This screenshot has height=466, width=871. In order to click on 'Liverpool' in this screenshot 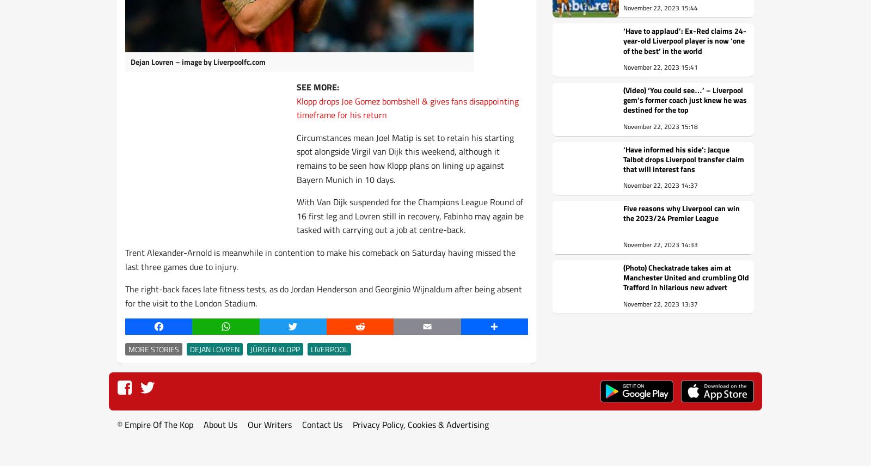, I will do `click(329, 348)`.